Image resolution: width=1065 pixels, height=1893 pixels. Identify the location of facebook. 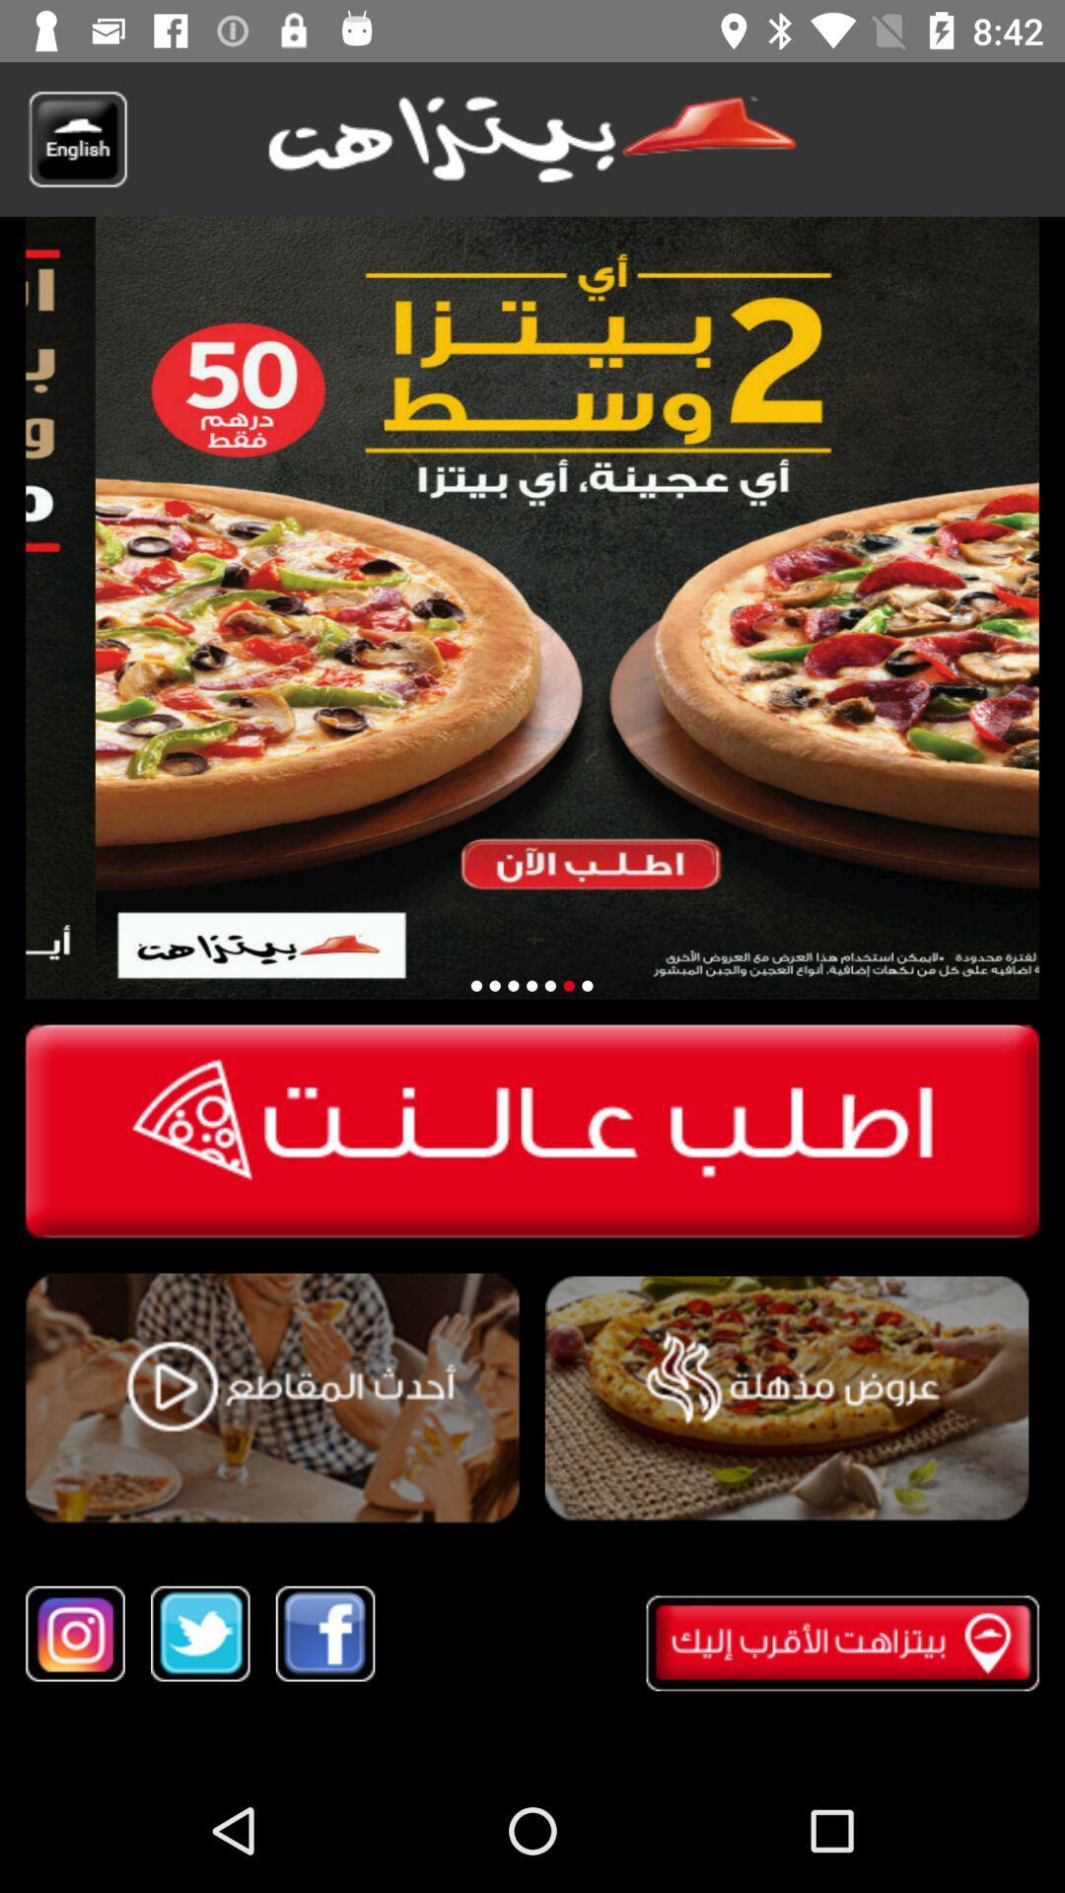
(324, 1634).